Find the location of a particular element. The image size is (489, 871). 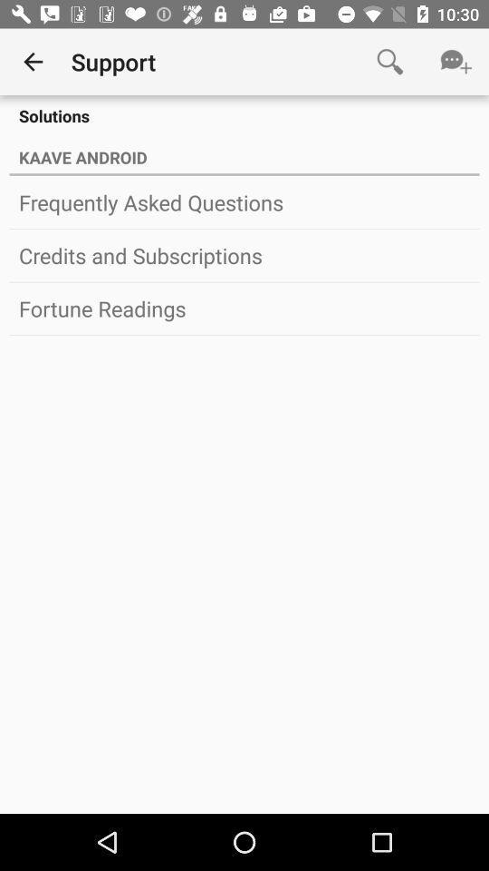

the kaave android icon is located at coordinates (244, 153).